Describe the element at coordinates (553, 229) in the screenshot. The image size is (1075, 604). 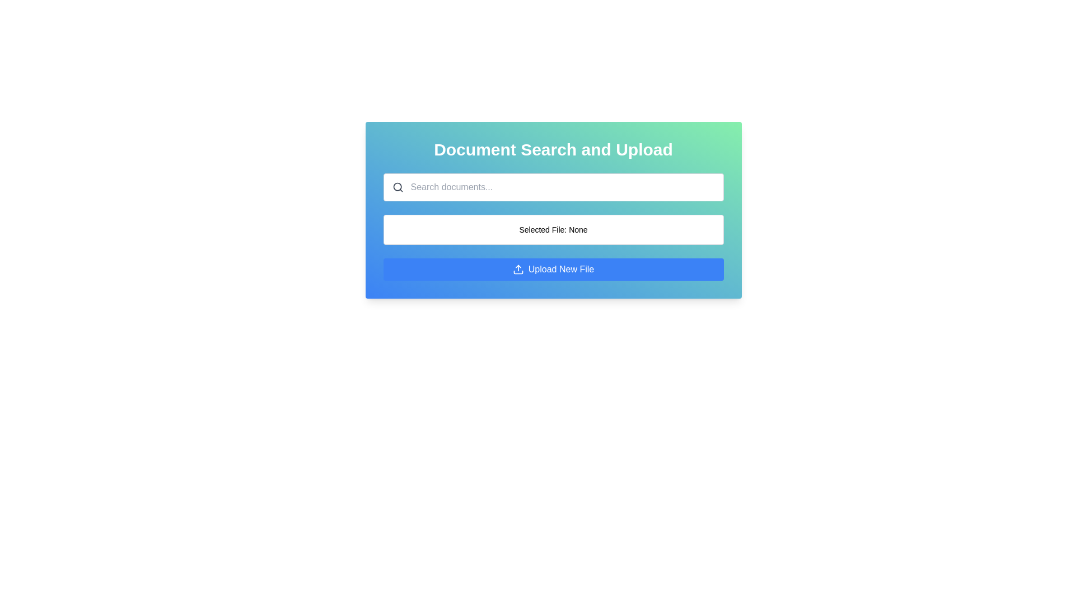
I see `the Static informational label that displays the current state of file selection, which is 'None'` at that location.